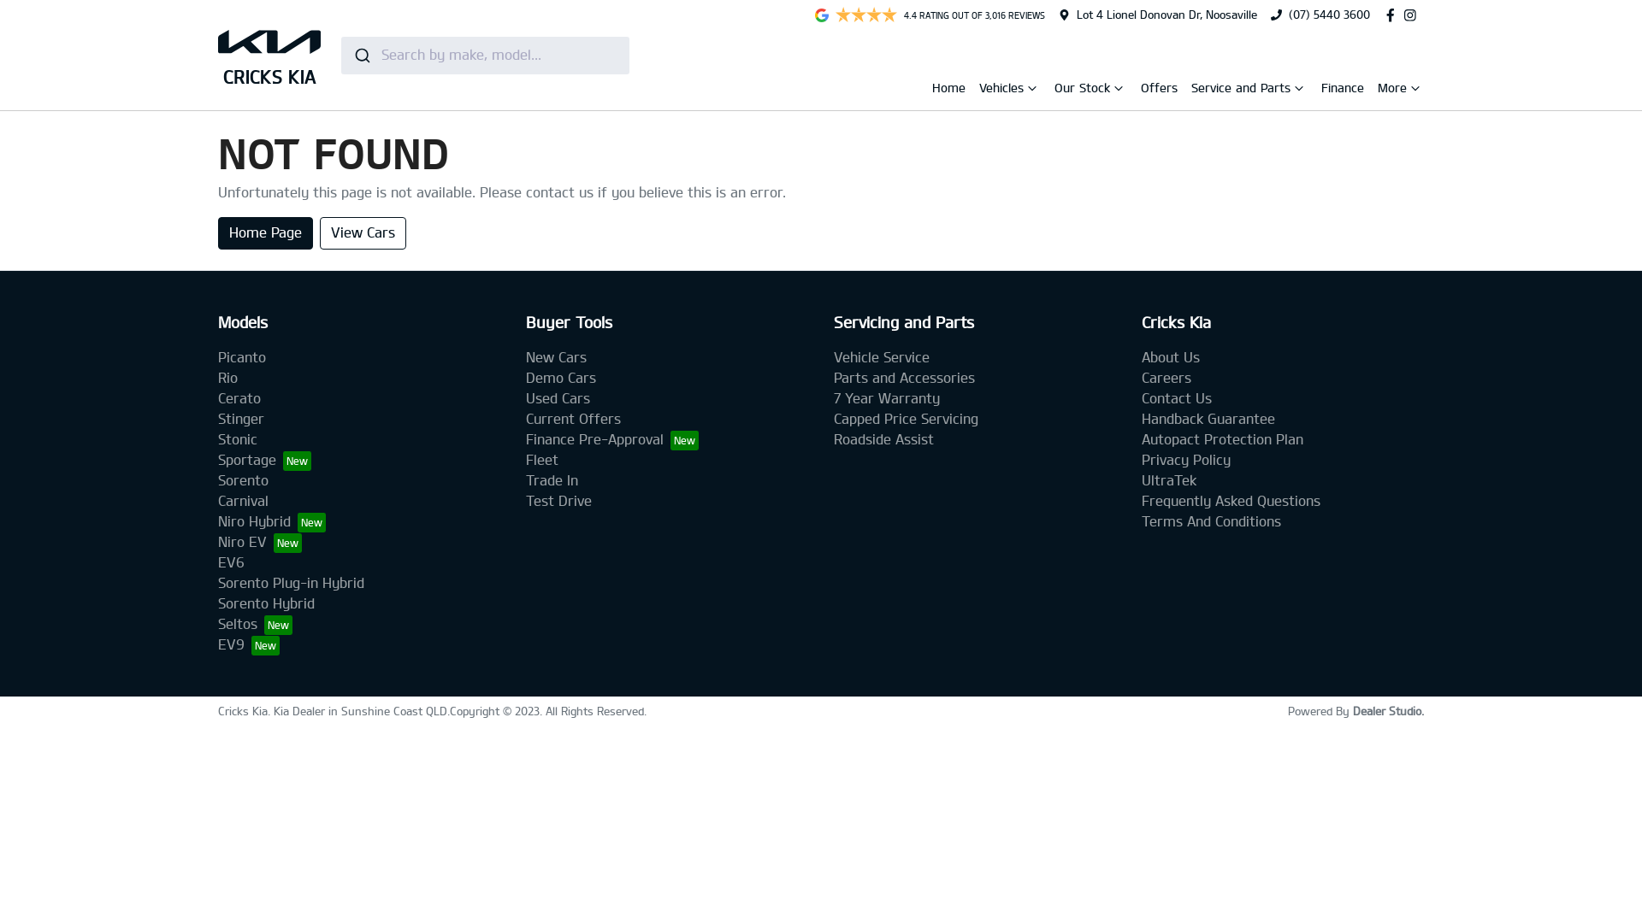 The width and height of the screenshot is (1642, 923). What do you see at coordinates (905, 419) in the screenshot?
I see `'Capped Price Servicing'` at bounding box center [905, 419].